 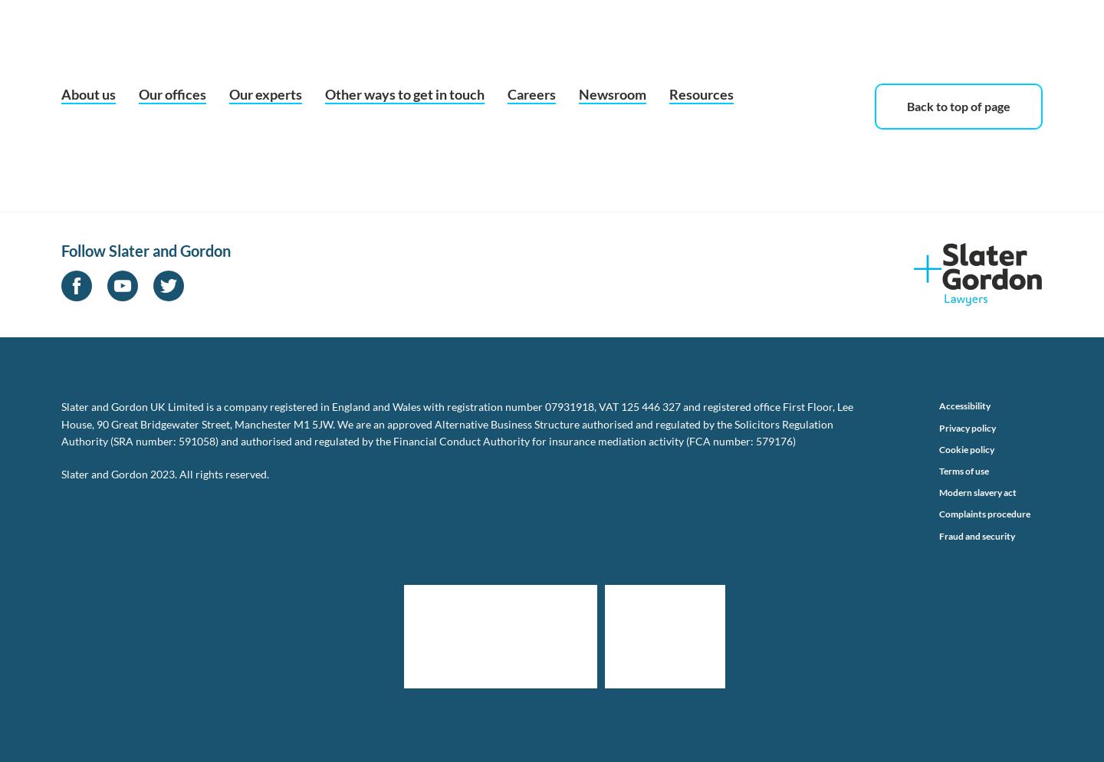 What do you see at coordinates (978, 492) in the screenshot?
I see `'Modern slavery act'` at bounding box center [978, 492].